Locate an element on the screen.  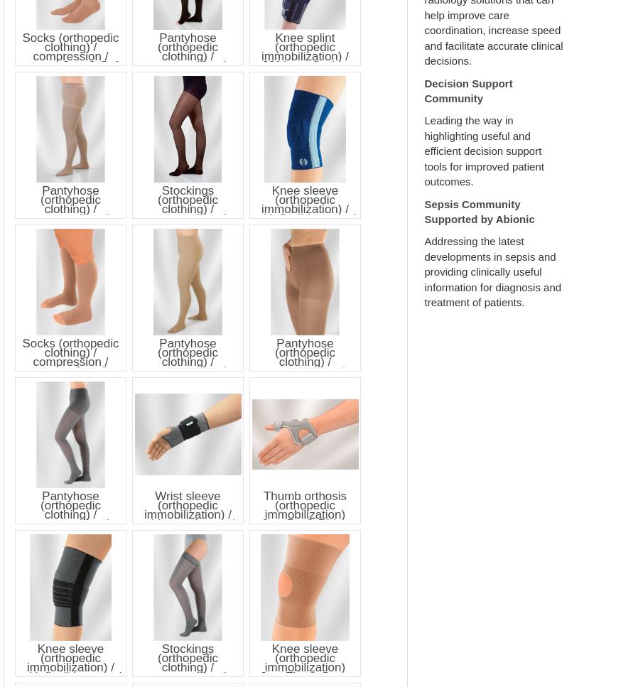
'Knee sleeve (orthopedic immobilization) / with flexible stays / with patellar buttress JuzoFlex® Genuaktiv Juzo' is located at coordinates (304, 217).